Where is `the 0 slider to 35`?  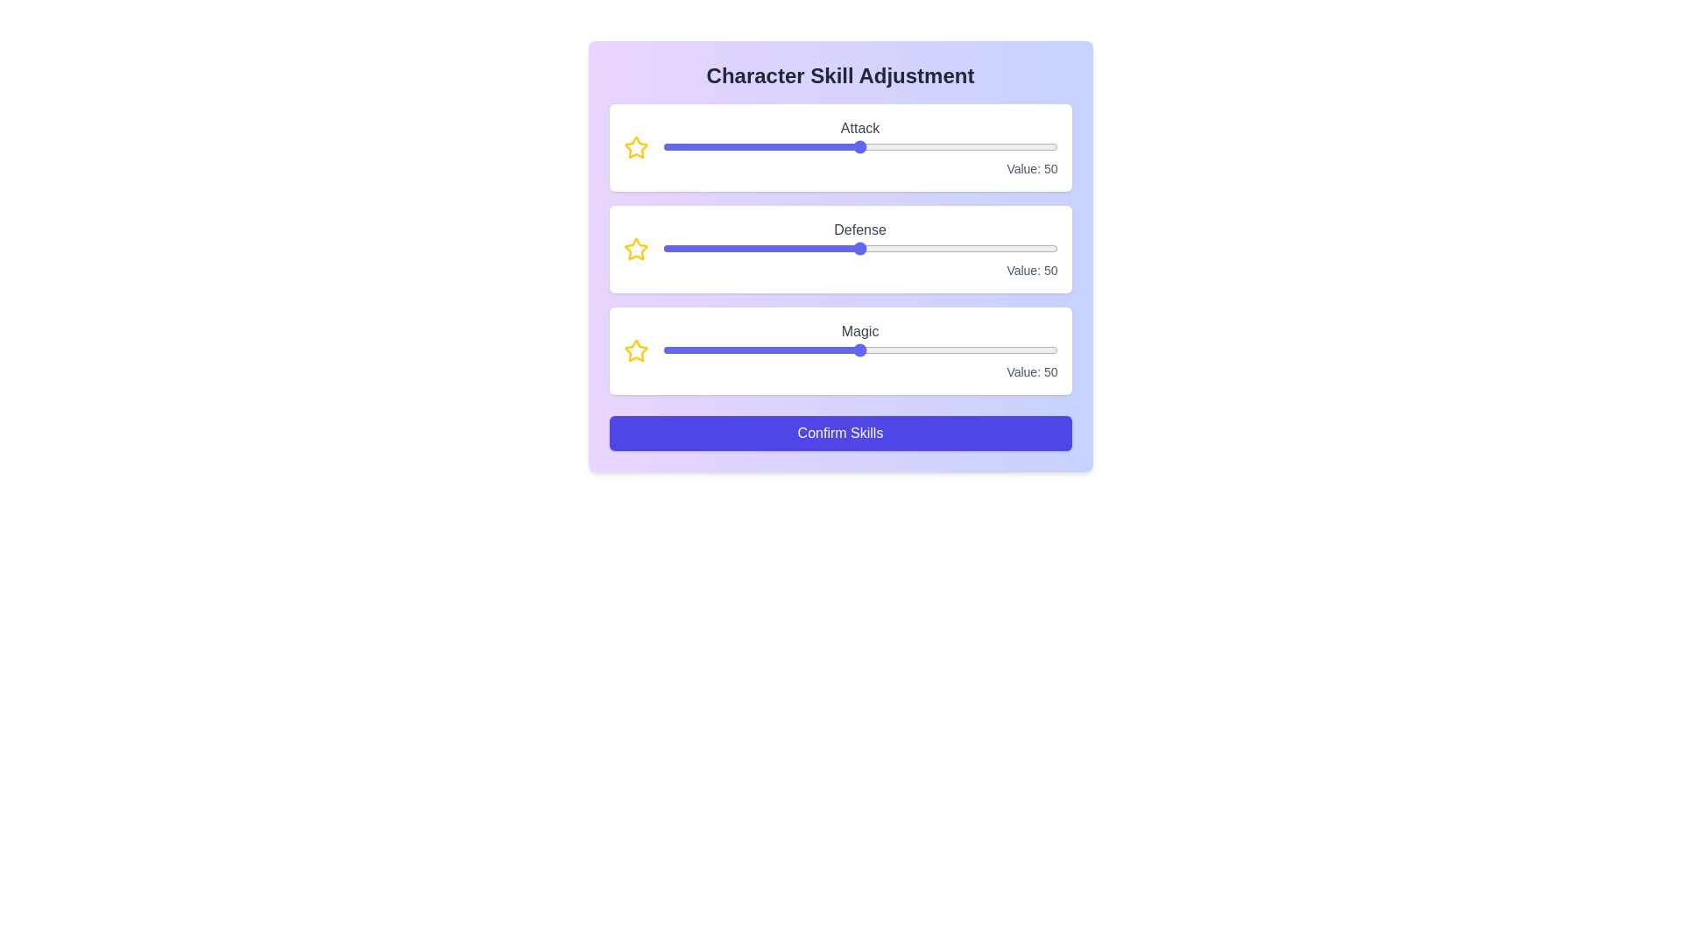 the 0 slider to 35 is located at coordinates (928, 146).